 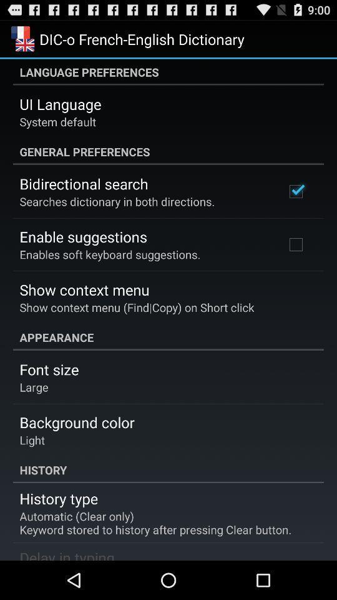 What do you see at coordinates (155, 522) in the screenshot?
I see `the automatic clear only app` at bounding box center [155, 522].